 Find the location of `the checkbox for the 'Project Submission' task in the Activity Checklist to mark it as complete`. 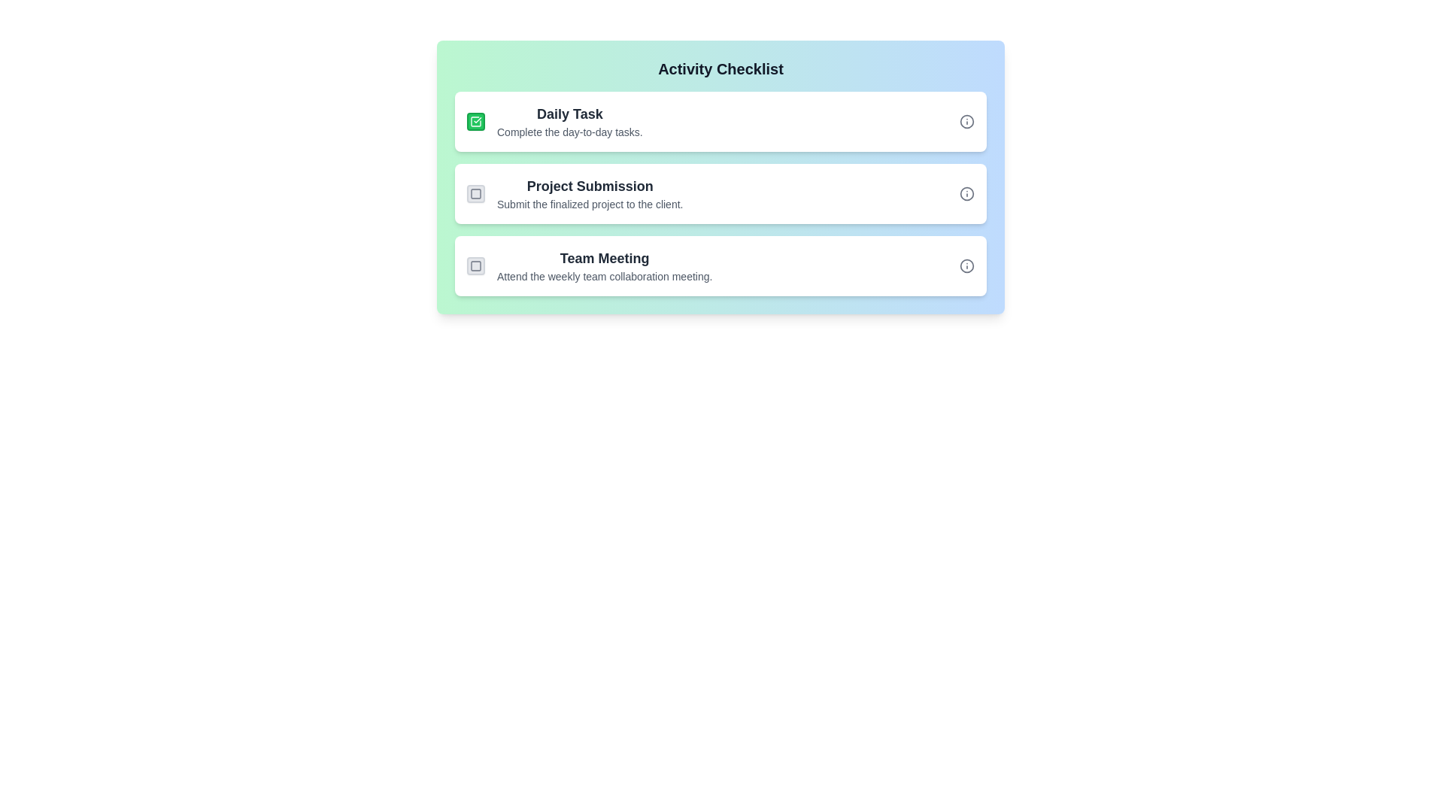

the checkbox for the 'Project Submission' task in the Activity Checklist to mark it as complete is located at coordinates (720, 176).